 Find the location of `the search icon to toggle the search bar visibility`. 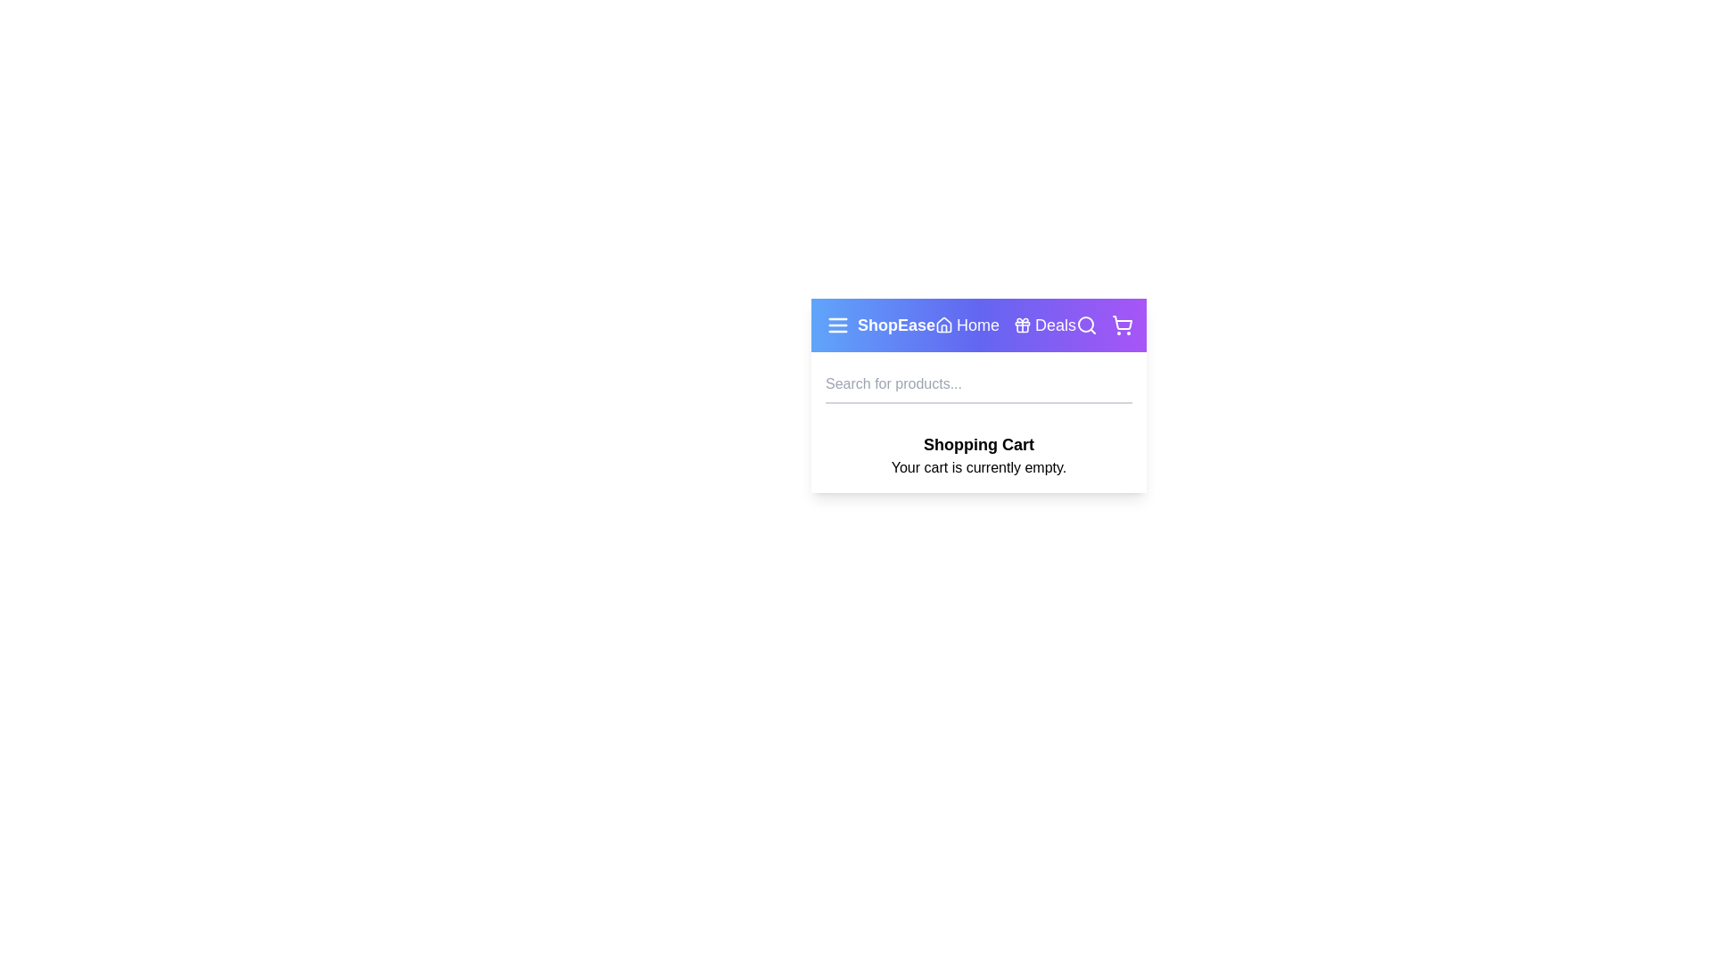

the search icon to toggle the search bar visibility is located at coordinates (1086, 325).